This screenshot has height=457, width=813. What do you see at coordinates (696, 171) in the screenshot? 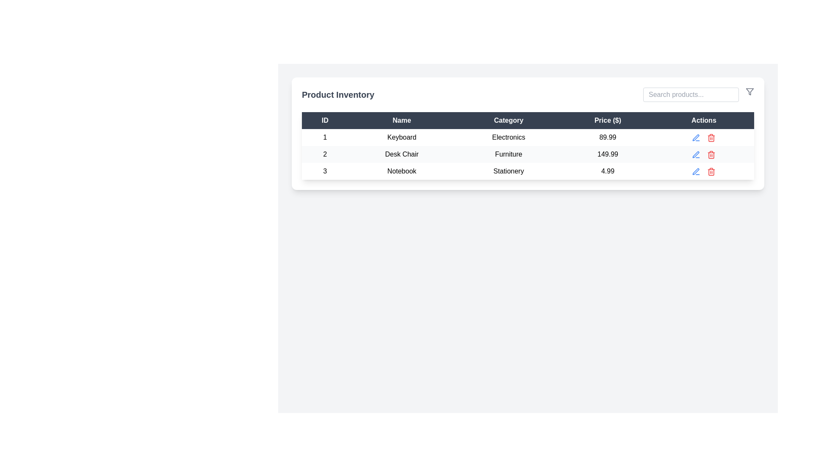
I see `the pen-shaped blue icon button located in the 'Actions' column of the third row of the table` at bounding box center [696, 171].